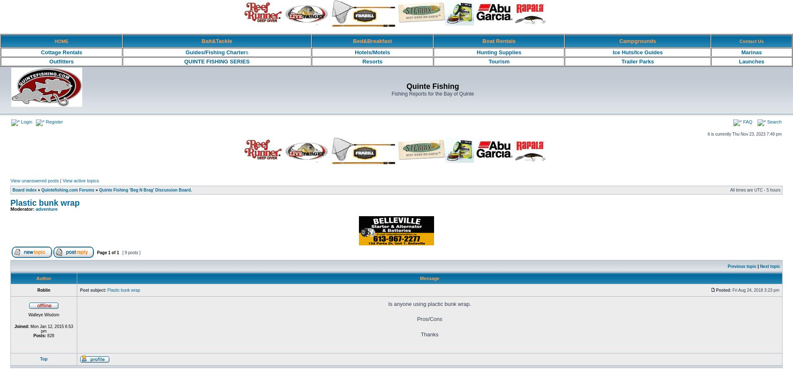 The height and width of the screenshot is (371, 793). I want to click on 'All times are UTC - 5 hours', so click(755, 189).